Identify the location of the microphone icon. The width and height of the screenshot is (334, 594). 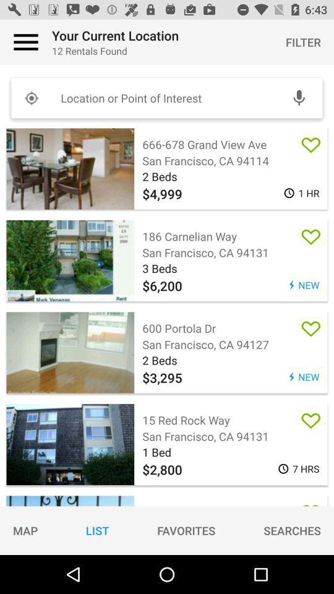
(298, 97).